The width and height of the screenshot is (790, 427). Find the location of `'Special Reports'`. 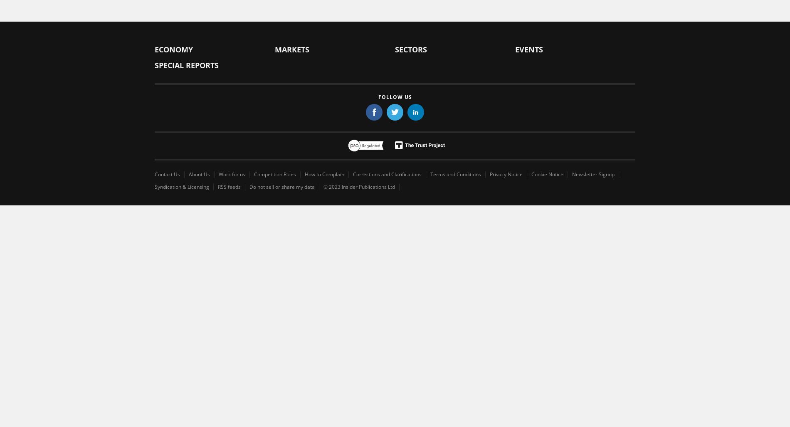

'Special Reports' is located at coordinates (186, 65).